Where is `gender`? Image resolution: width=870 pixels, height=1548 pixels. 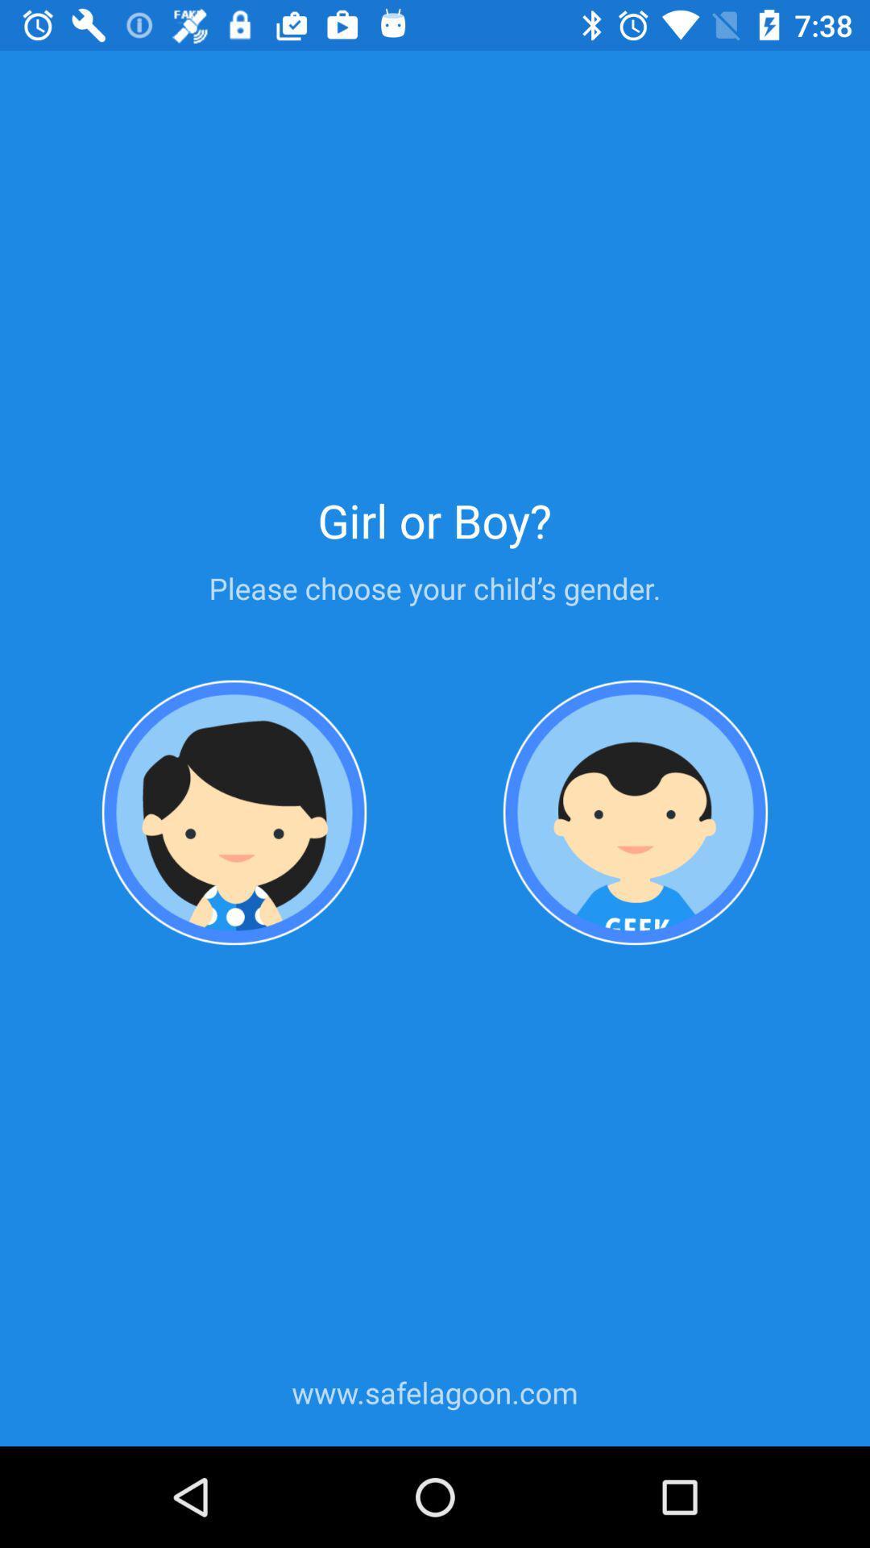
gender is located at coordinates (635, 814).